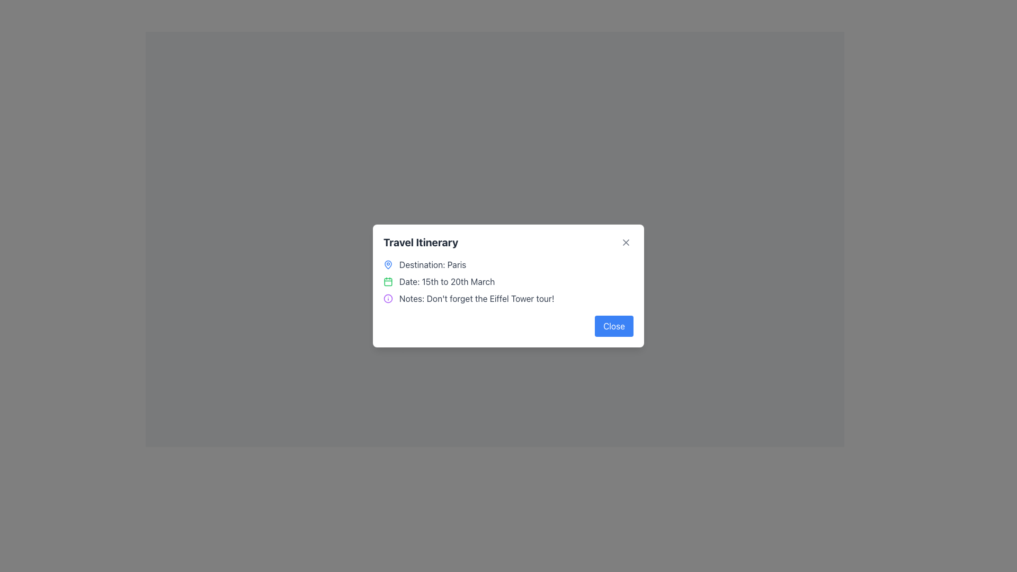 This screenshot has width=1017, height=572. What do you see at coordinates (388, 264) in the screenshot?
I see `the location marker SVG icon that visually indicates the destination text 'Destination: Paris', situated to the left of the text` at bounding box center [388, 264].